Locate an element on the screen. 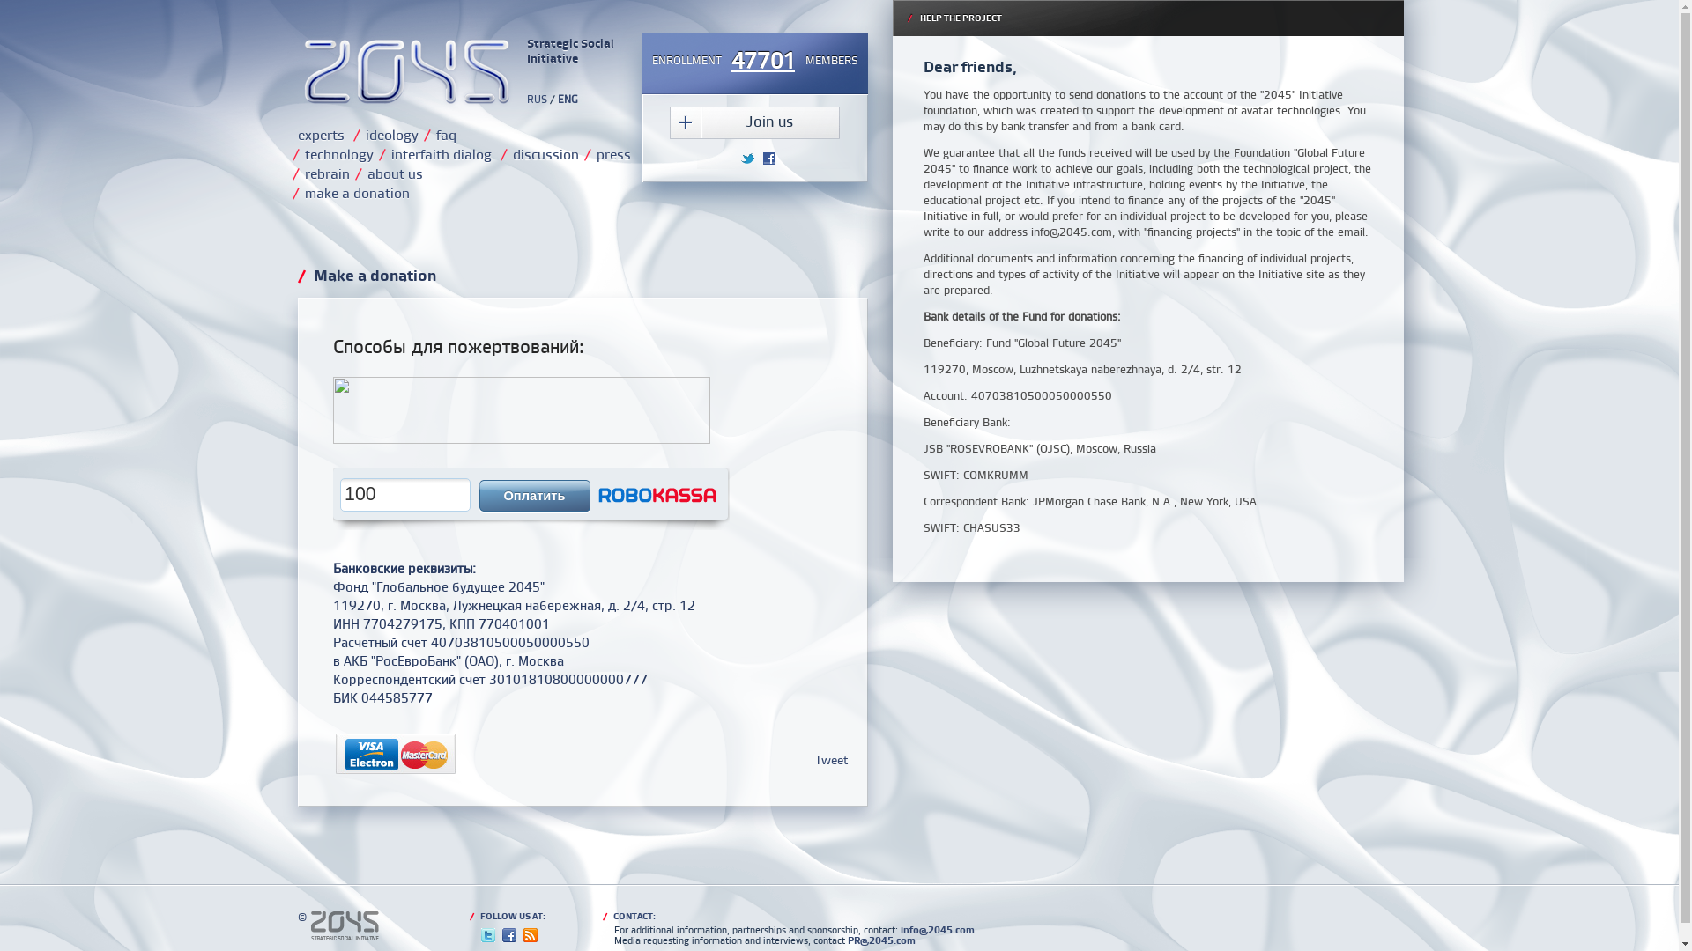  'ideology' is located at coordinates (390, 134).